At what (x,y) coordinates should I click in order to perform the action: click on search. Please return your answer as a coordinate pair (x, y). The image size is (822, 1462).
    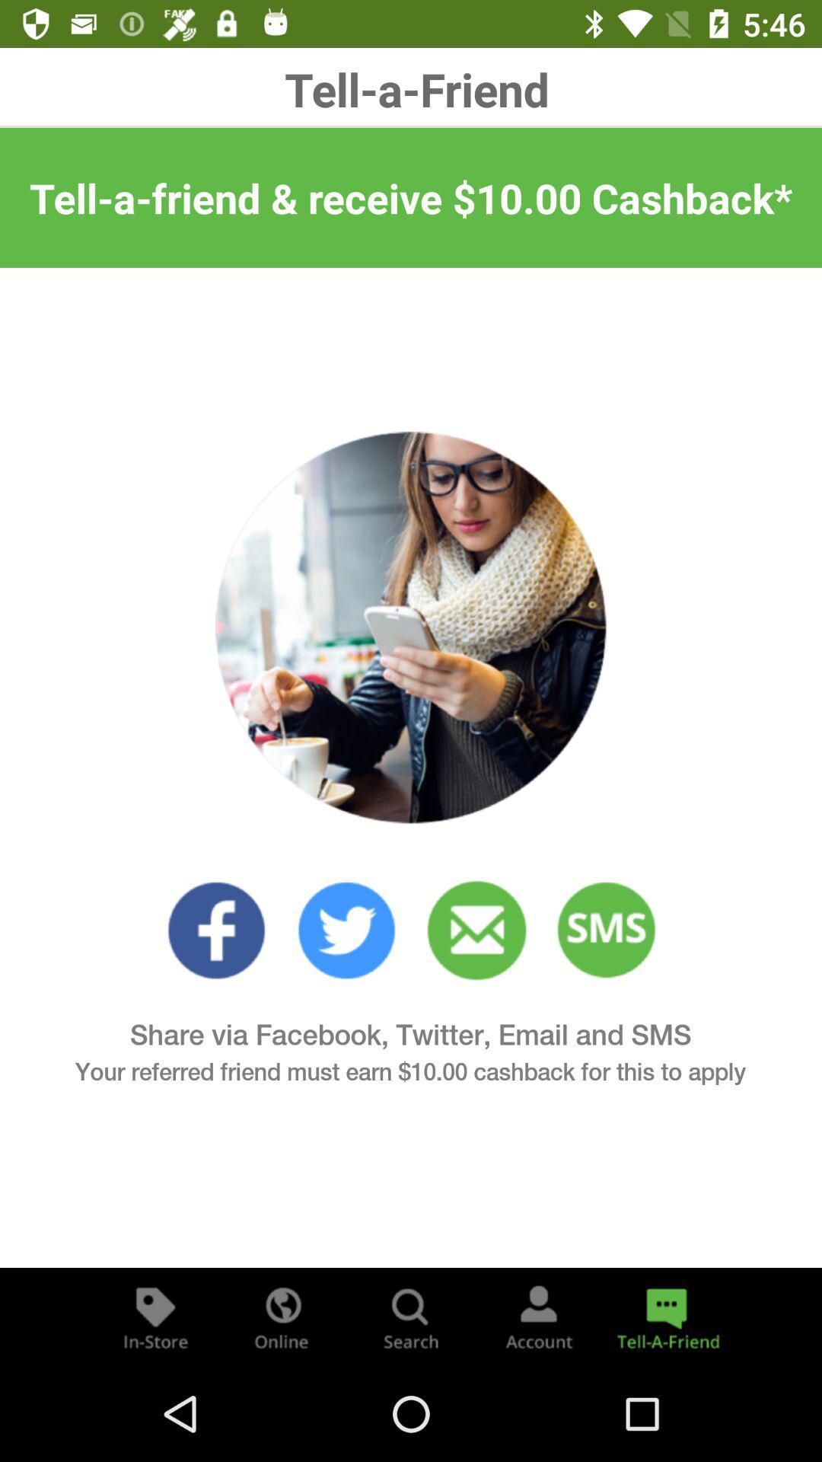
    Looking at the image, I should click on (411, 1316).